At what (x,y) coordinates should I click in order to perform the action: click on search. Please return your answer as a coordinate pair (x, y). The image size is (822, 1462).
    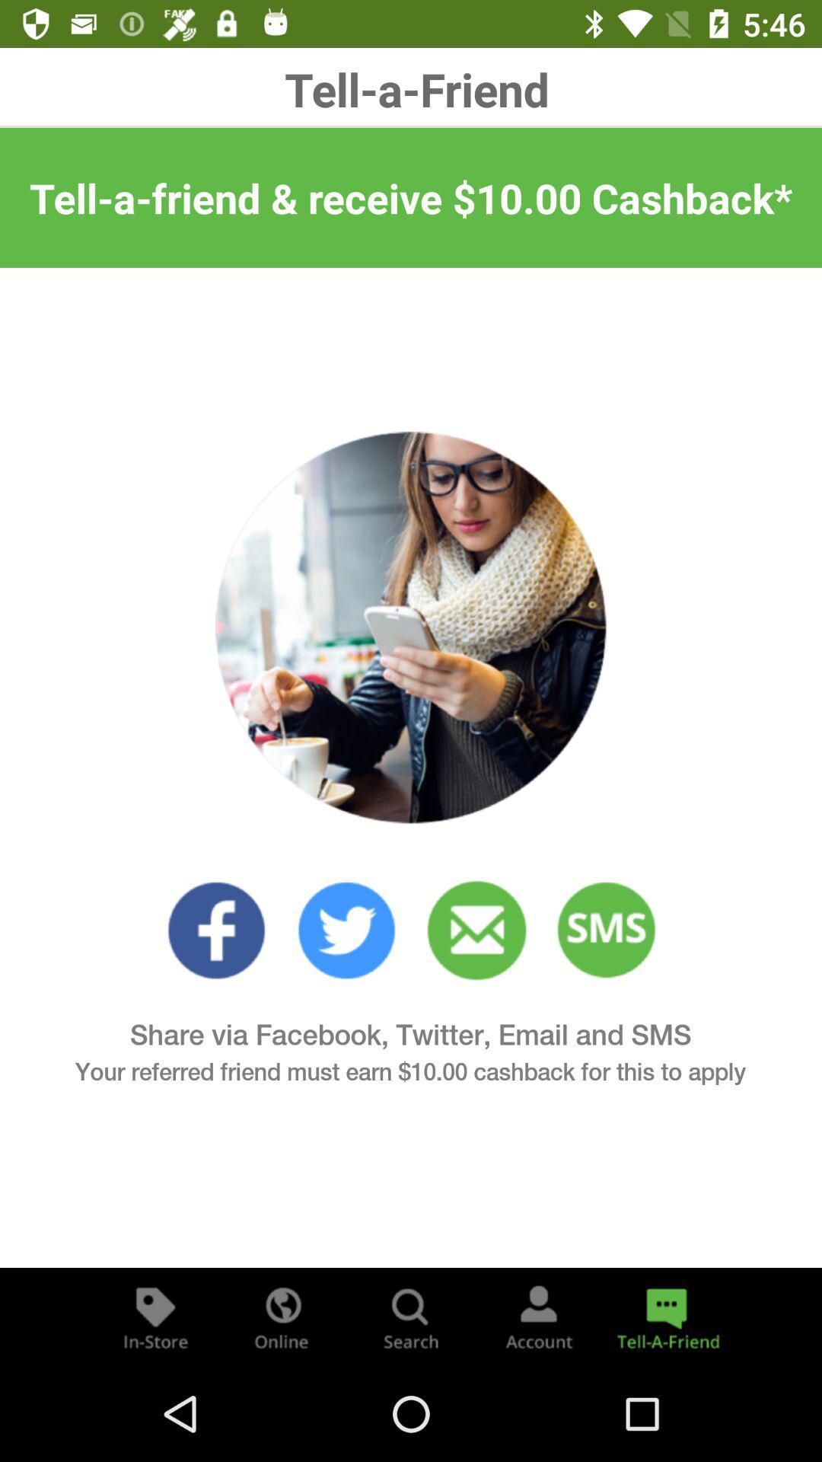
    Looking at the image, I should click on (411, 1316).